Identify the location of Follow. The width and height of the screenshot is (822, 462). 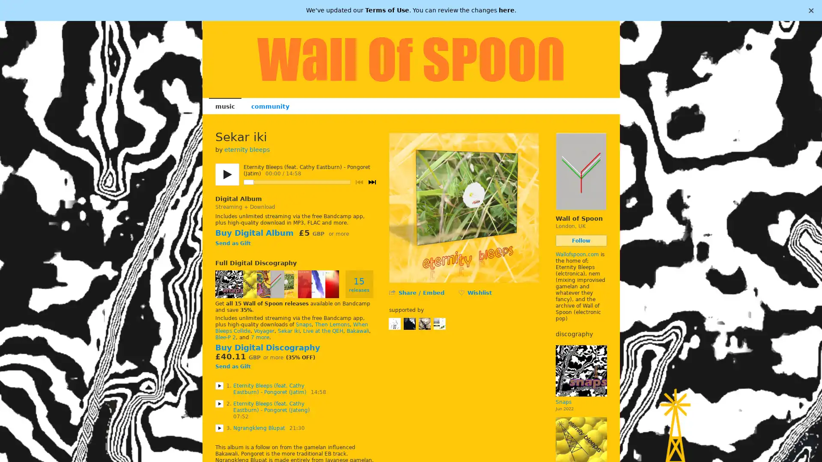
(581, 240).